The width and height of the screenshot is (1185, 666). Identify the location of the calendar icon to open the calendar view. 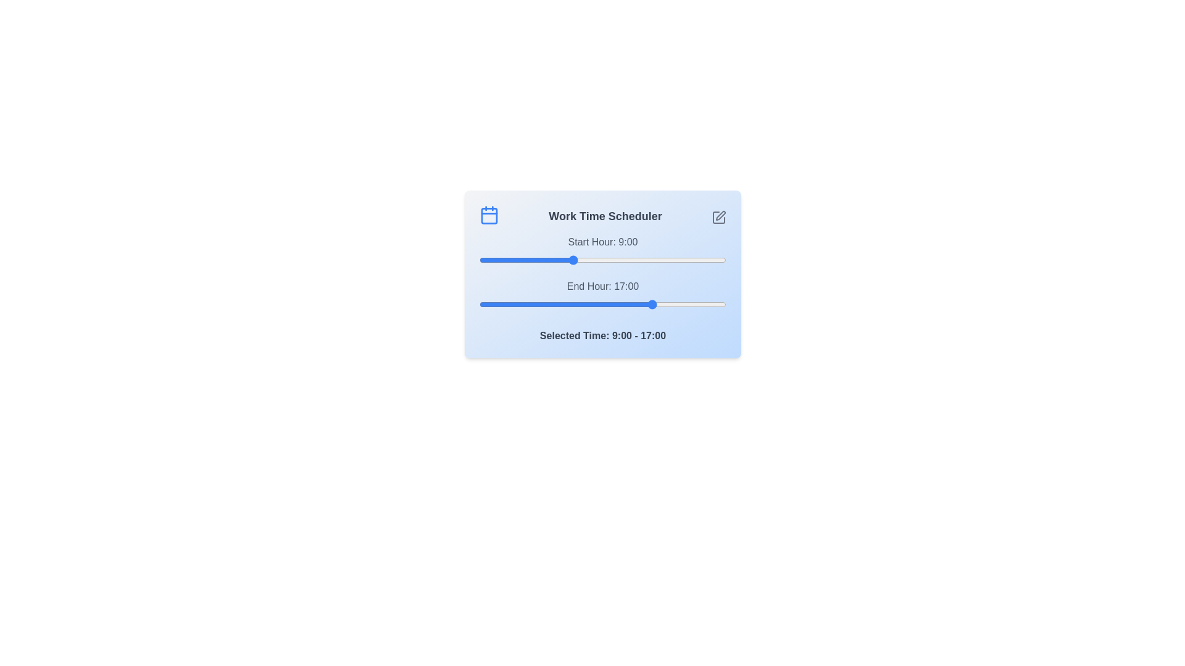
(488, 214).